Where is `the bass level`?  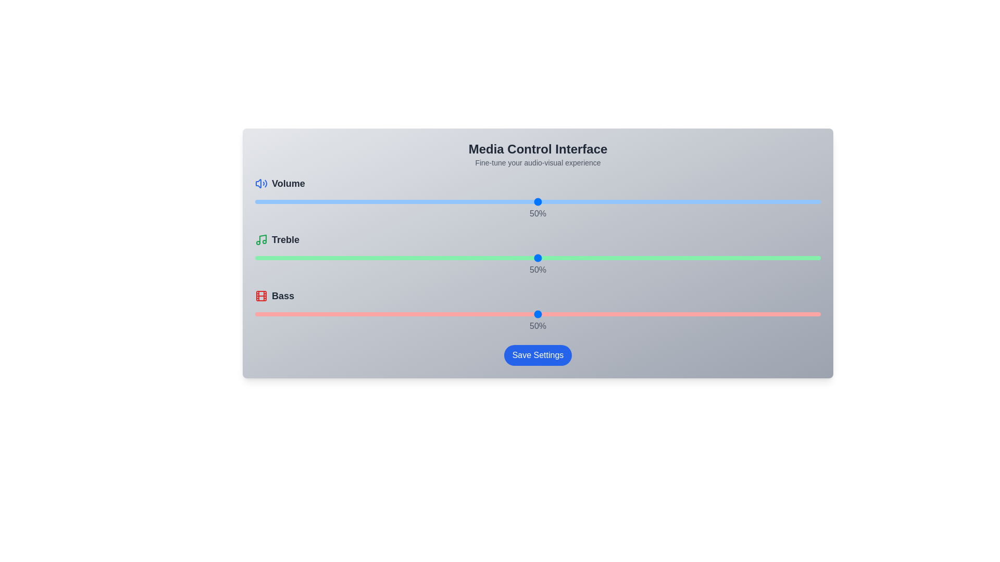
the bass level is located at coordinates (260, 314).